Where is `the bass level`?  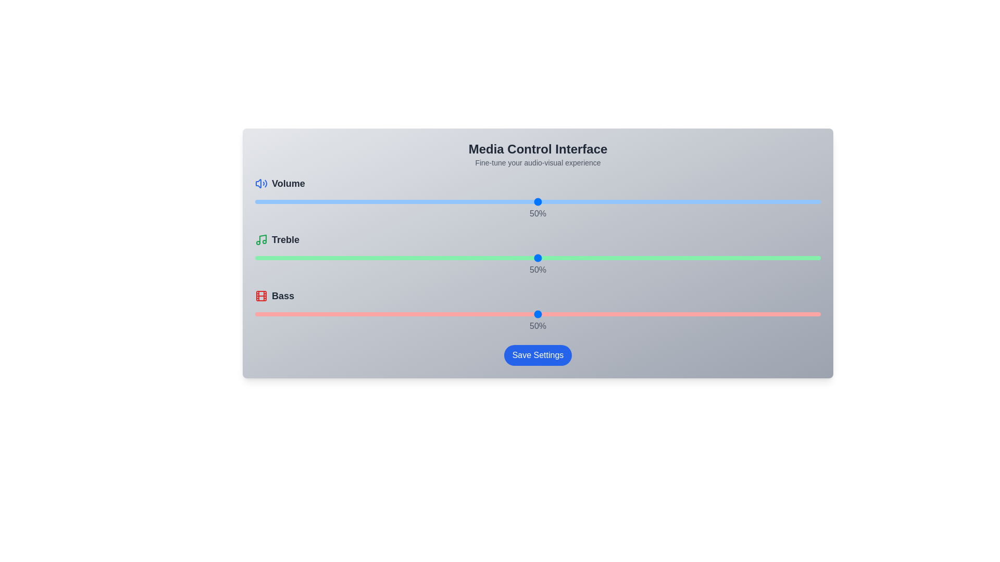
the bass level is located at coordinates (260, 314).